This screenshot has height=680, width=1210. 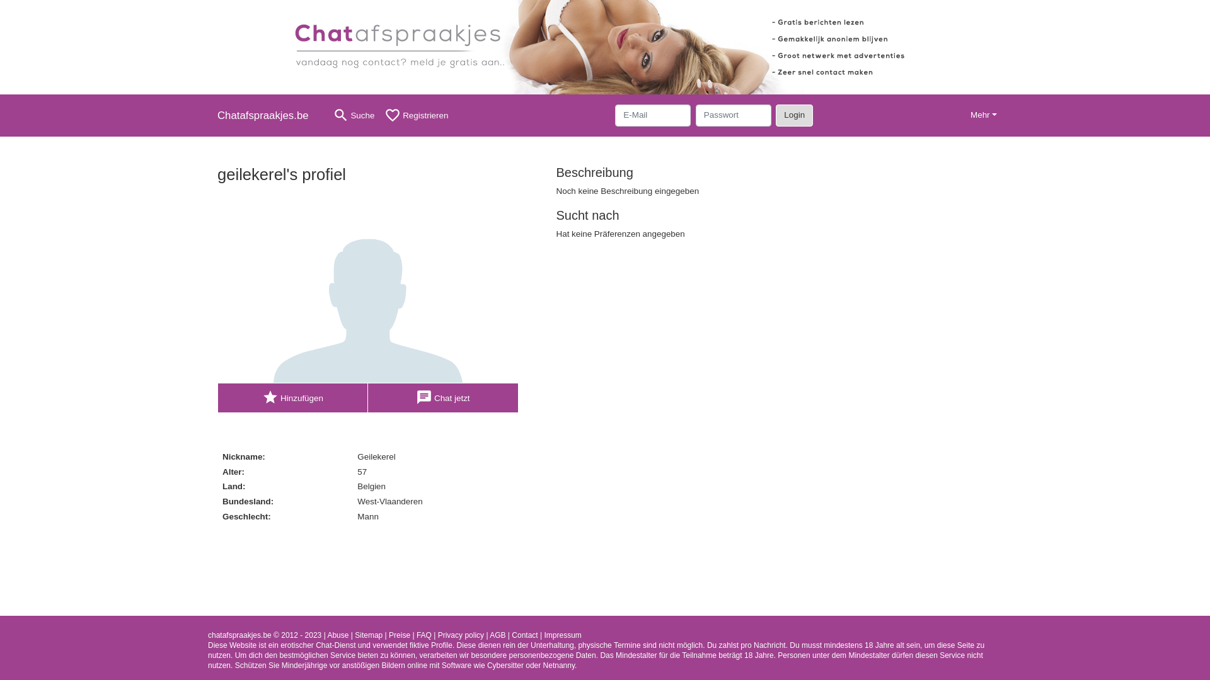 What do you see at coordinates (416, 115) in the screenshot?
I see `'favorite_border` at bounding box center [416, 115].